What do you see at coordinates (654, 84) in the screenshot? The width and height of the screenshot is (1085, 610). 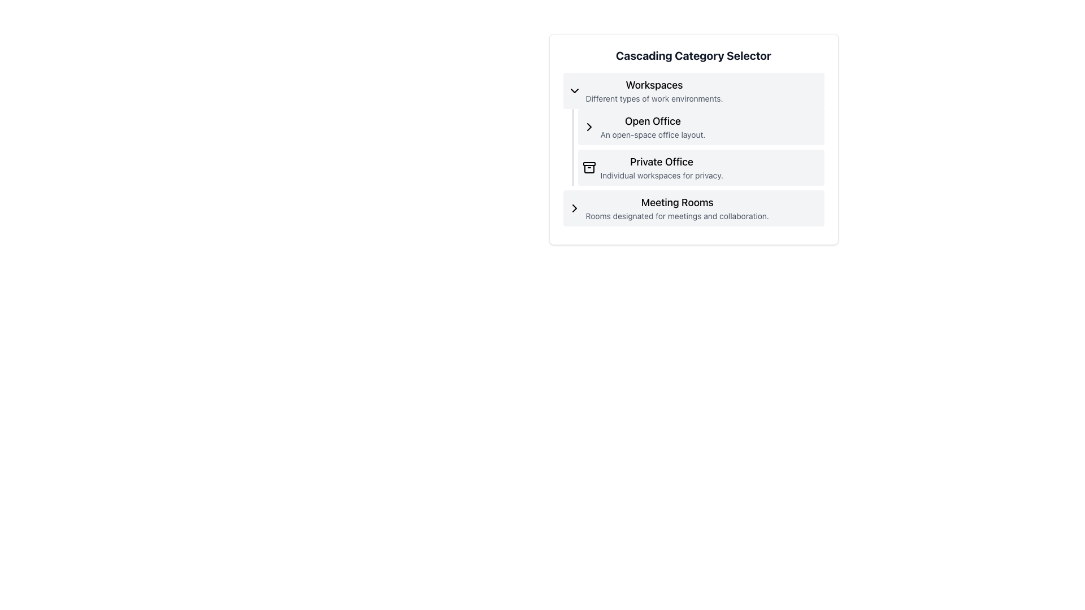 I see `the text label displaying 'Workspaces', which is styled with a larger and bolder font and is positioned at the top of the cascading category selector interface` at bounding box center [654, 84].